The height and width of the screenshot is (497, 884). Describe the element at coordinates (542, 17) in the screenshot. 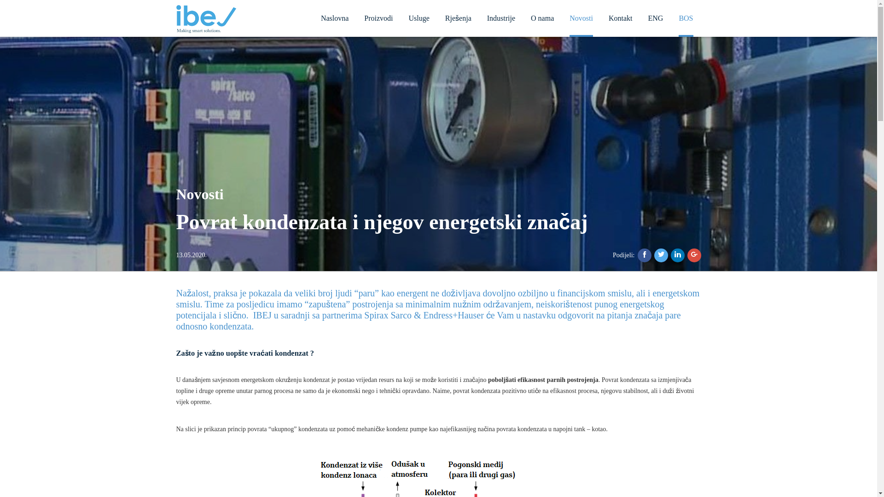

I see `'O nama'` at that location.